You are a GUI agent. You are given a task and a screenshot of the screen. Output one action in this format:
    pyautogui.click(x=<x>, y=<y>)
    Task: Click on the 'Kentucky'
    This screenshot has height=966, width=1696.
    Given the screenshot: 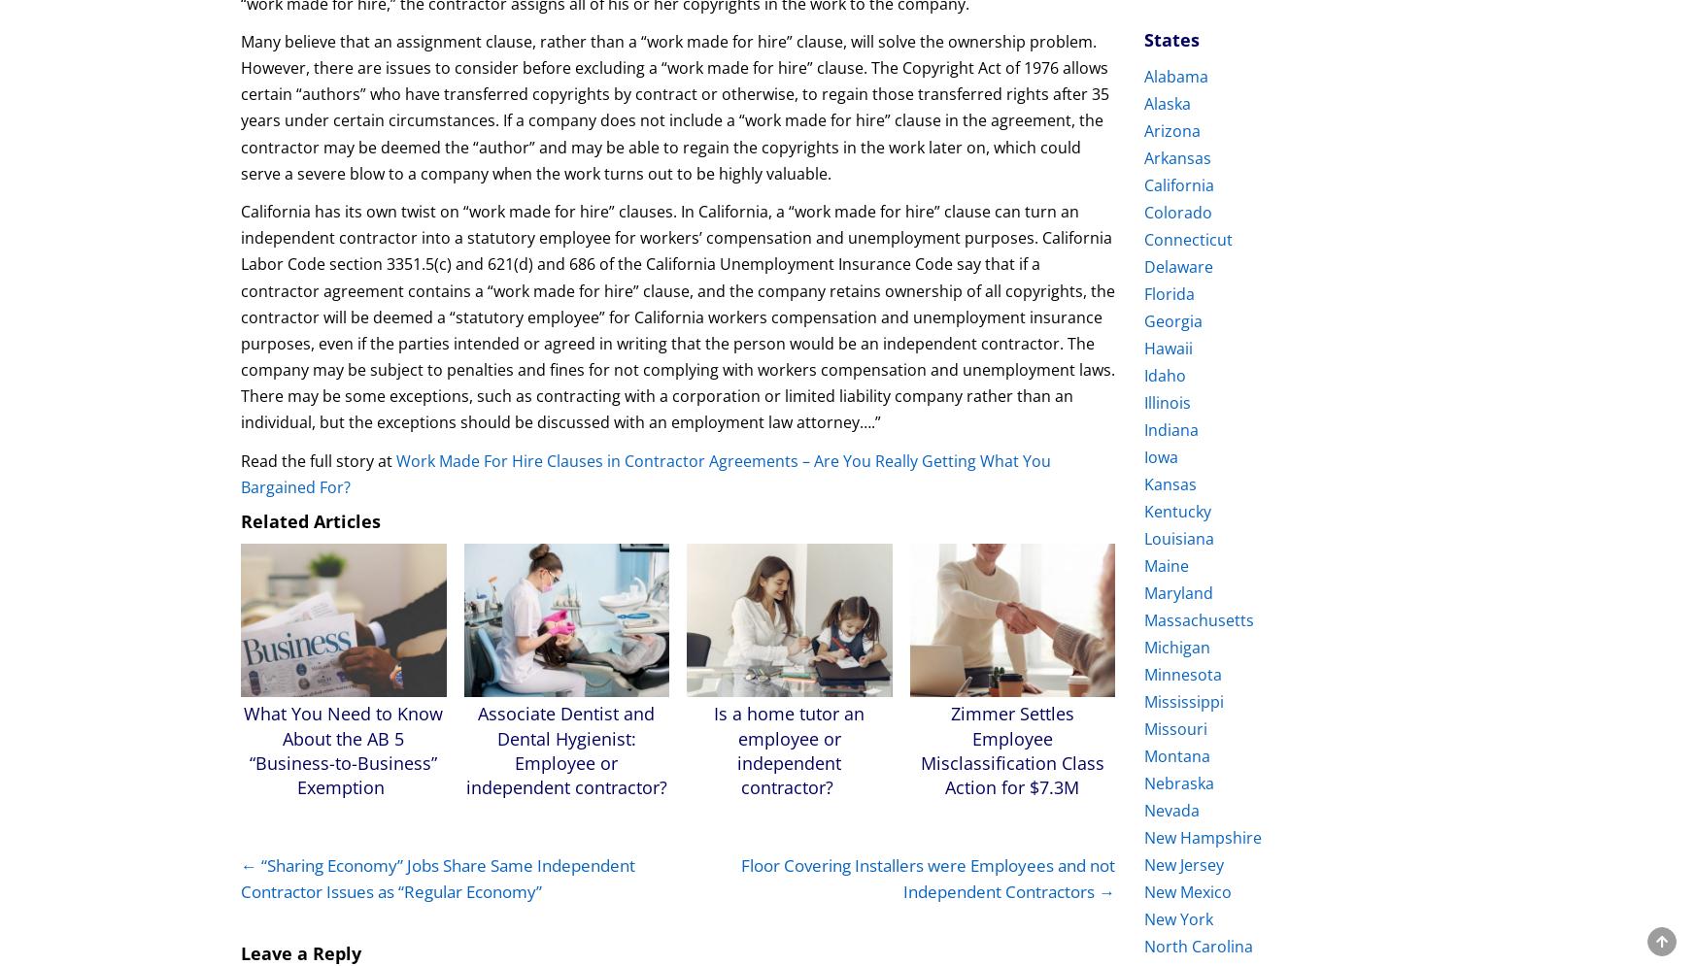 What is the action you would take?
    pyautogui.click(x=1177, y=510)
    